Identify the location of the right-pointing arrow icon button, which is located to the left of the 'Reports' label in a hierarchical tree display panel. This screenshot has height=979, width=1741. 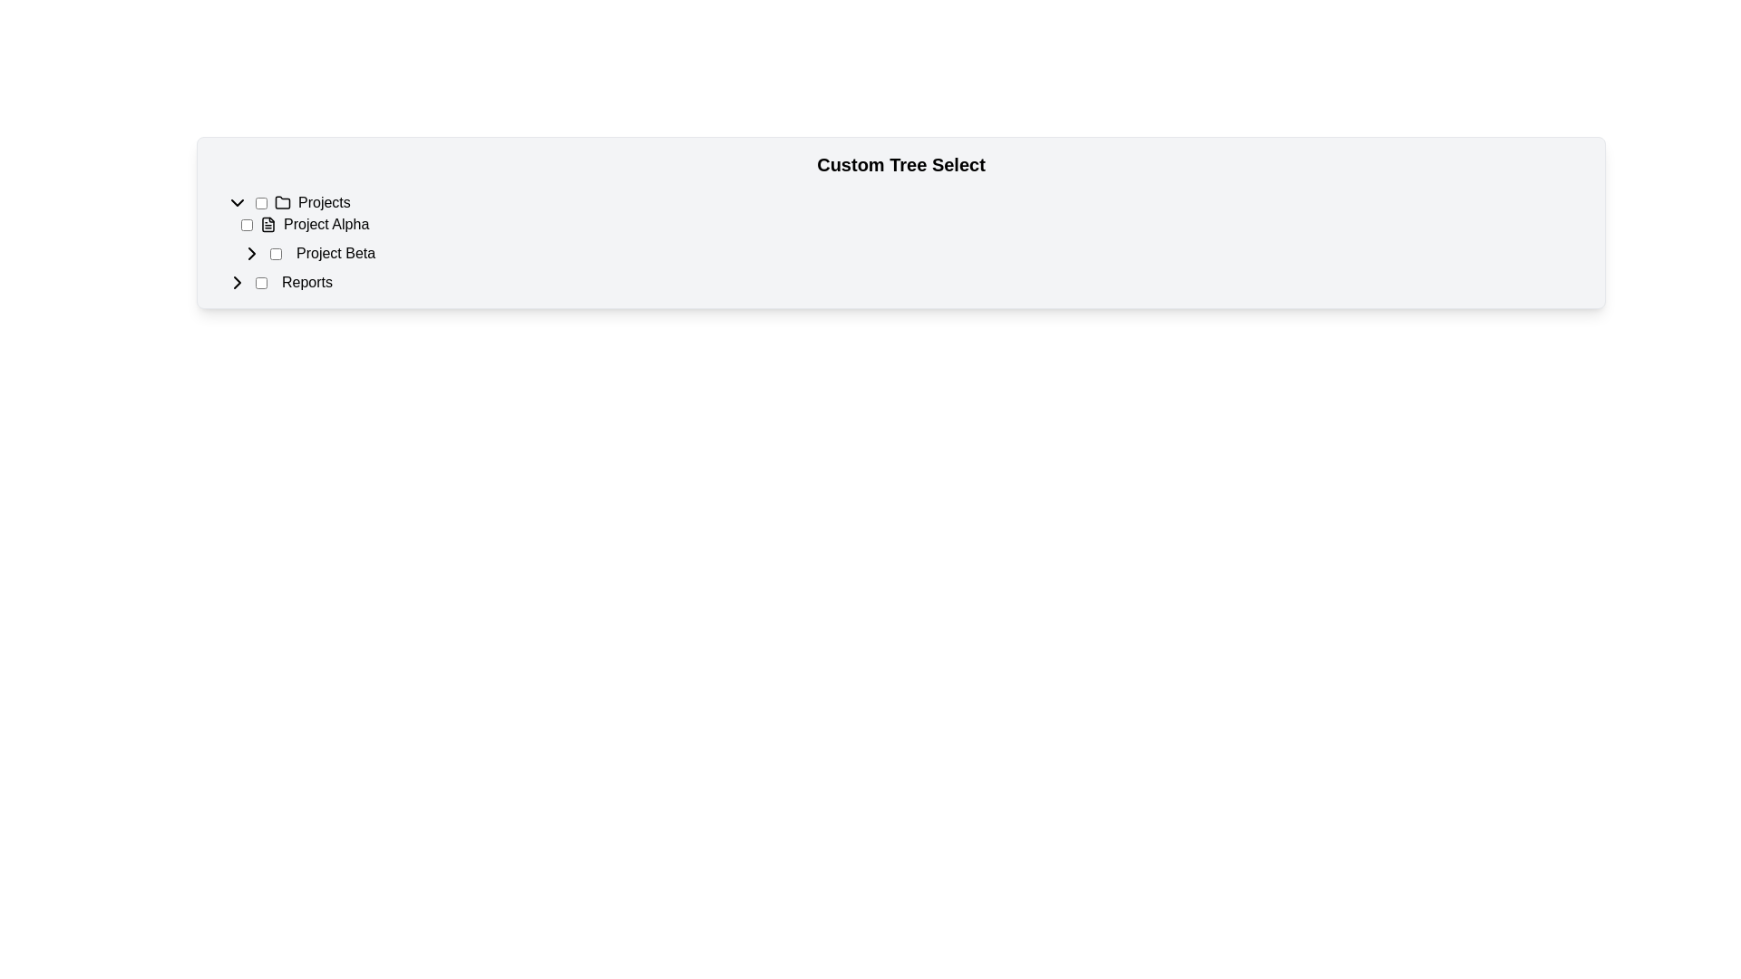
(237, 283).